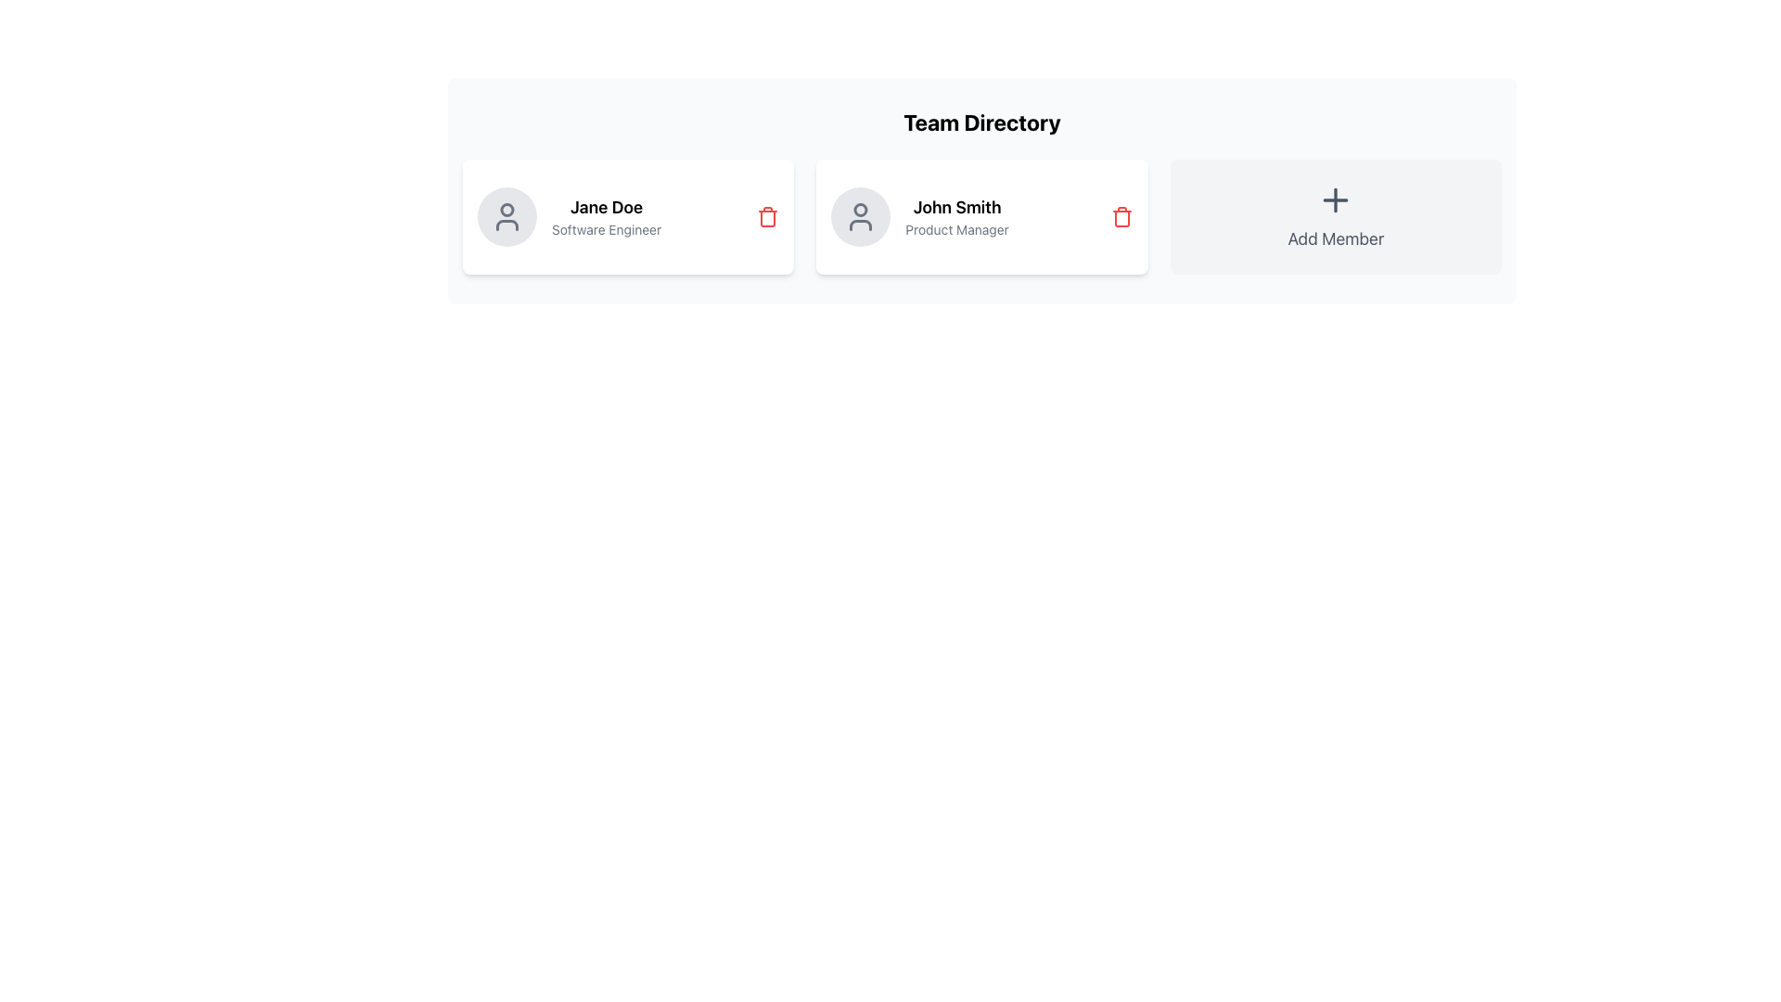 Image resolution: width=1781 pixels, height=1002 pixels. What do you see at coordinates (860, 216) in the screenshot?
I see `the circular profile icon with a gray outline located in the second profile card of the team directory` at bounding box center [860, 216].